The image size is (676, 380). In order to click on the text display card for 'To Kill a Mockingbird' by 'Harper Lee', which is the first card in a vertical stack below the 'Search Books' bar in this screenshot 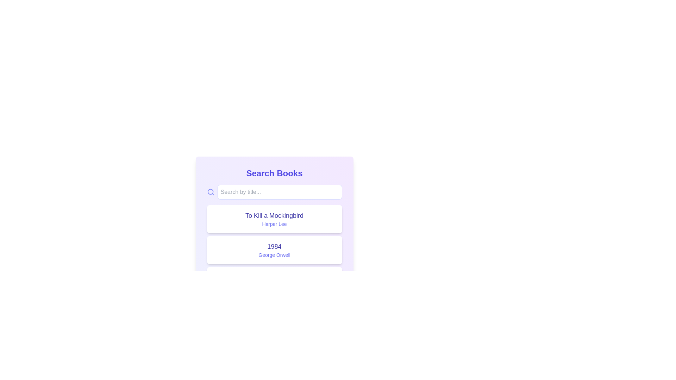, I will do `click(274, 219)`.